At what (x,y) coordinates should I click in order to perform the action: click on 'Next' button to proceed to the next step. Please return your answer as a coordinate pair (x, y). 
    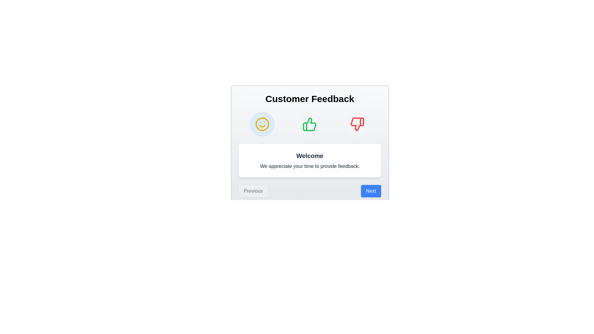
    Looking at the image, I should click on (371, 191).